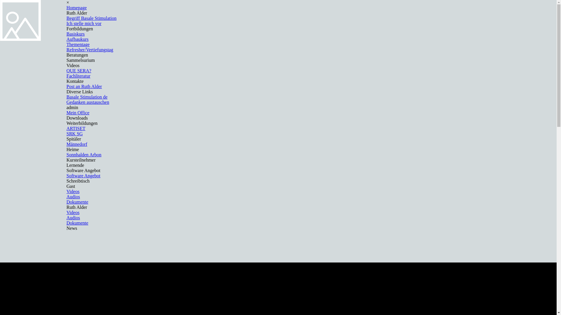 The image size is (561, 315). I want to click on 'Homepage', so click(66, 8).